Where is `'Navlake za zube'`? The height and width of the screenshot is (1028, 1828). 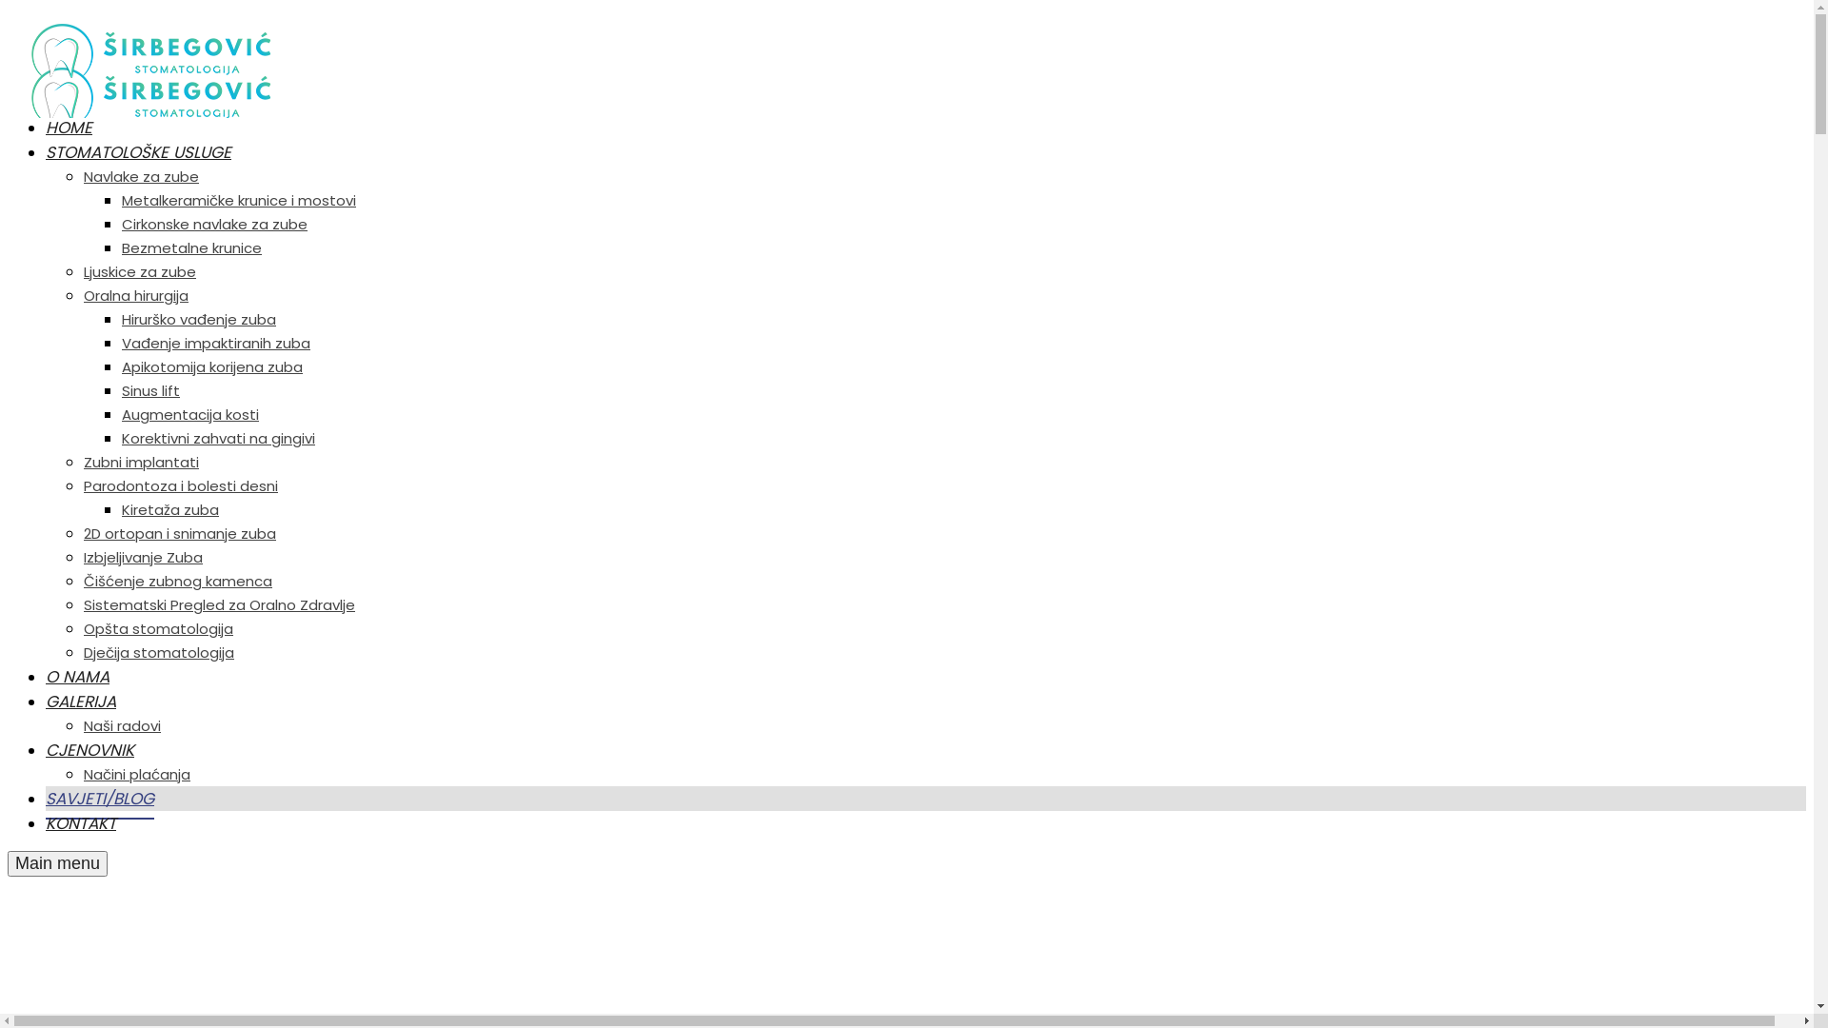 'Navlake za zube' is located at coordinates (140, 176).